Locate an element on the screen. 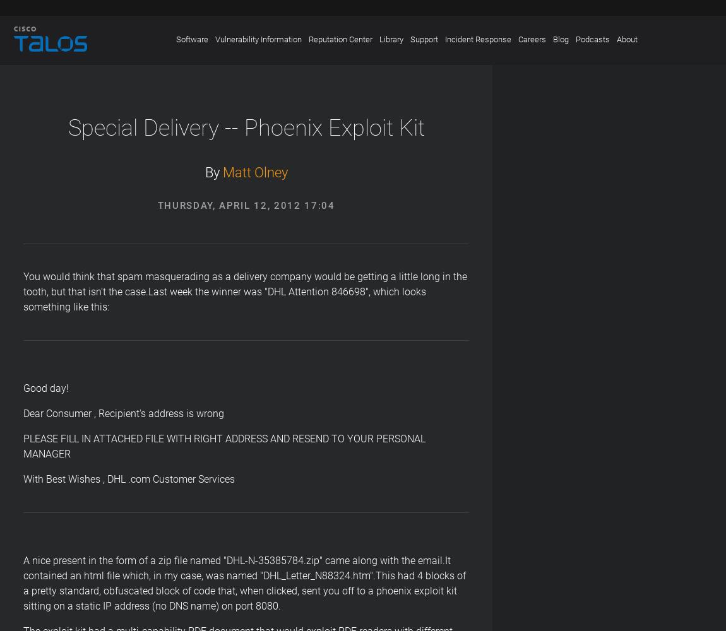  'Good day!' is located at coordinates (45, 387).